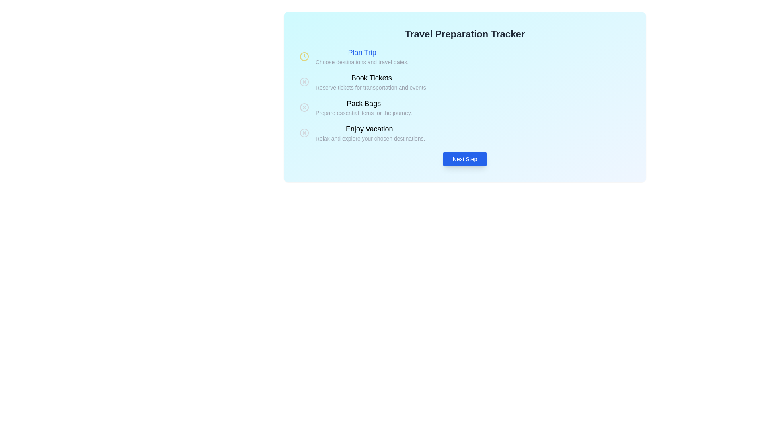 The width and height of the screenshot is (764, 430). What do you see at coordinates (465, 159) in the screenshot?
I see `the rectangular button with a blue background and white text reading 'Next Step' for accessibility interactions` at bounding box center [465, 159].